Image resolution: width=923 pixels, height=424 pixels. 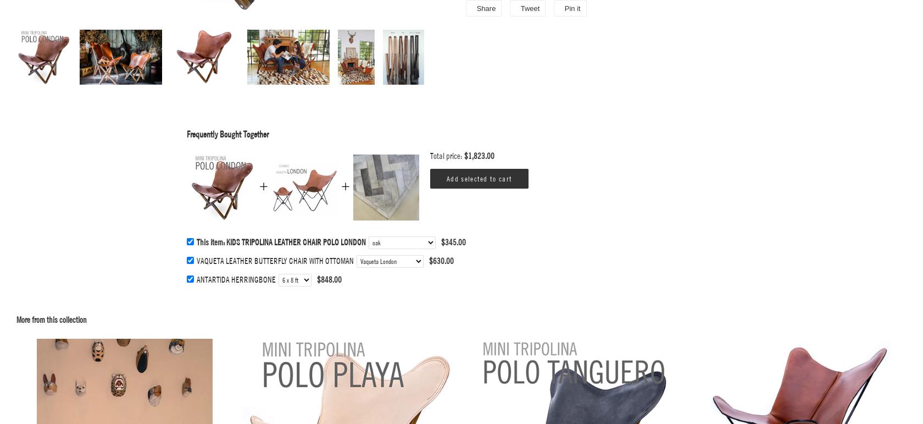 What do you see at coordinates (441, 242) in the screenshot?
I see `'$345.00'` at bounding box center [441, 242].